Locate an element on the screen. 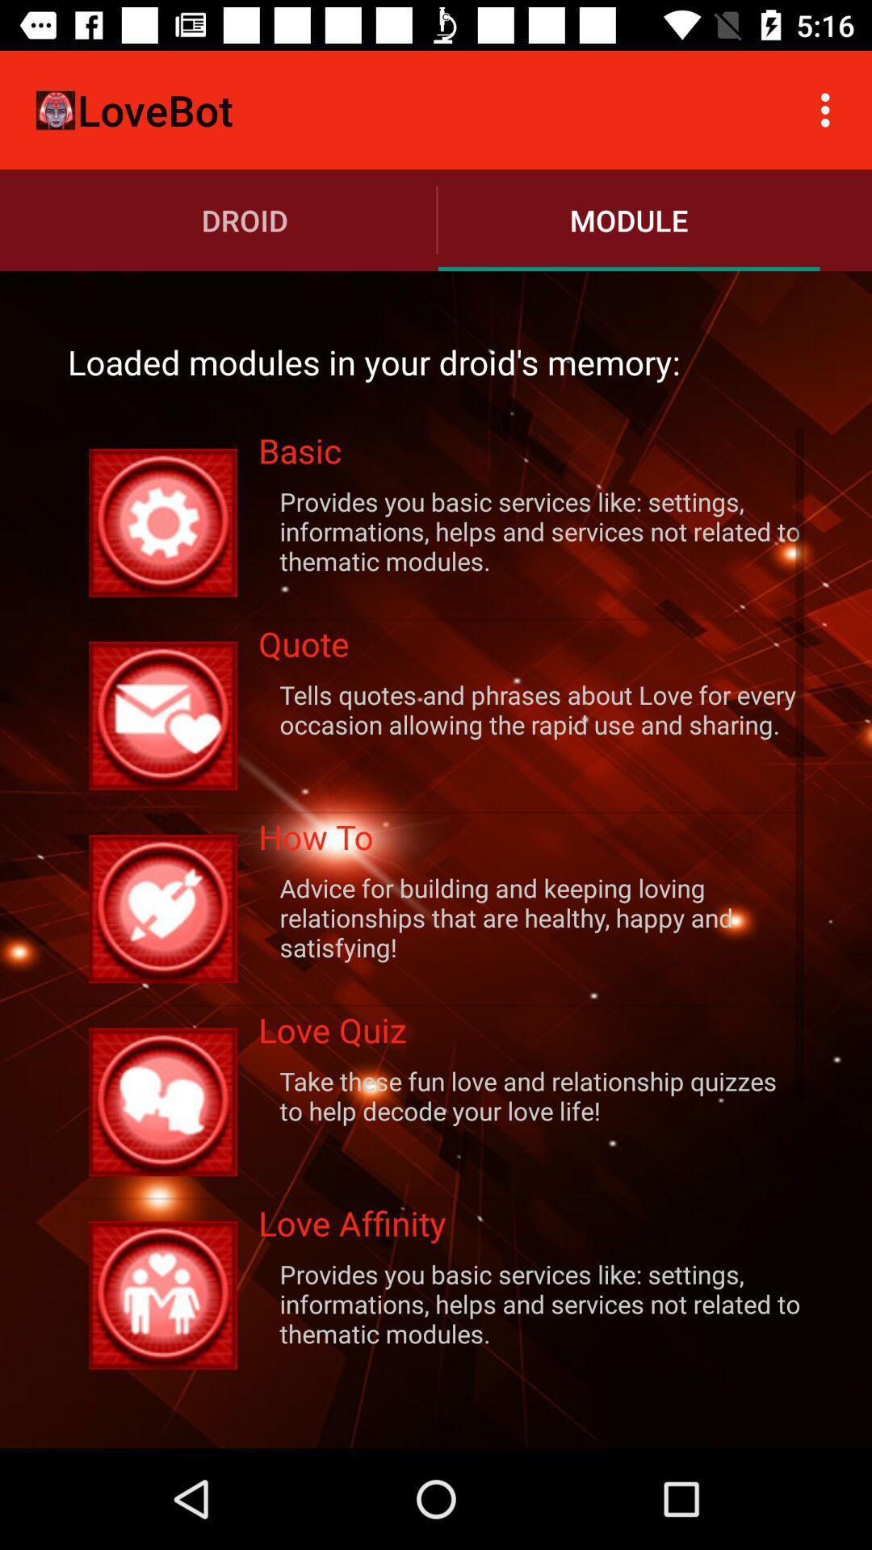  how to icon is located at coordinates (531, 841).